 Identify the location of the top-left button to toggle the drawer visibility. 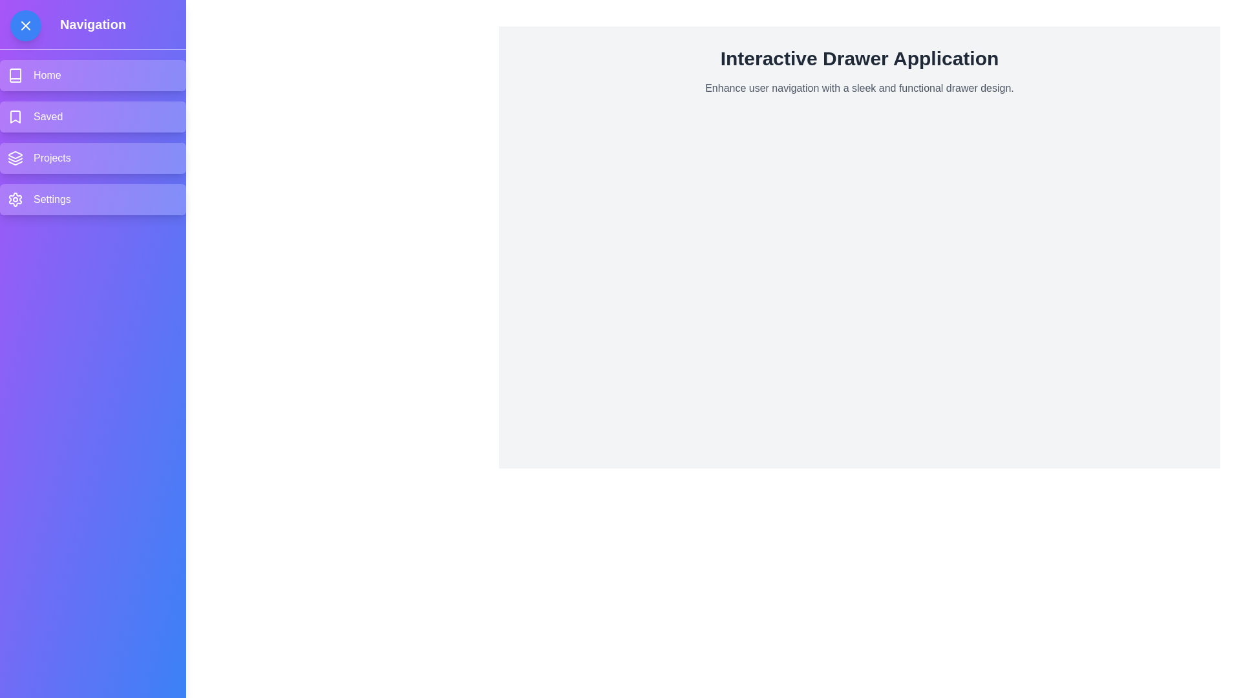
(25, 25).